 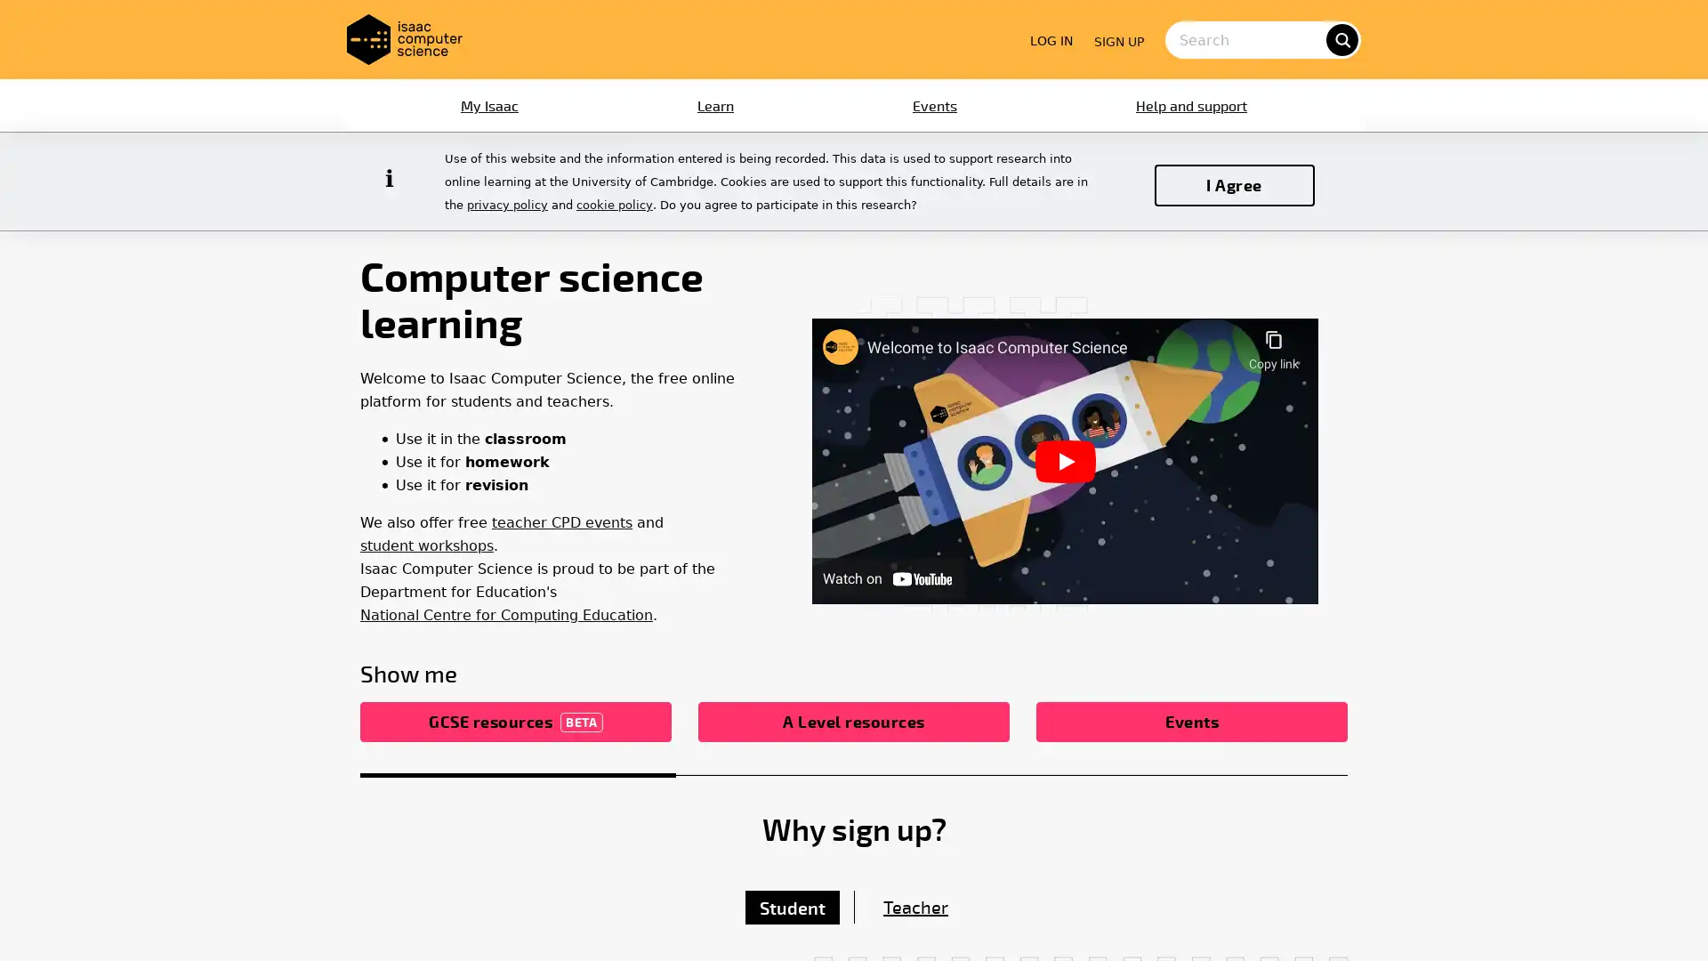 What do you see at coordinates (792, 906) in the screenshot?
I see `Student` at bounding box center [792, 906].